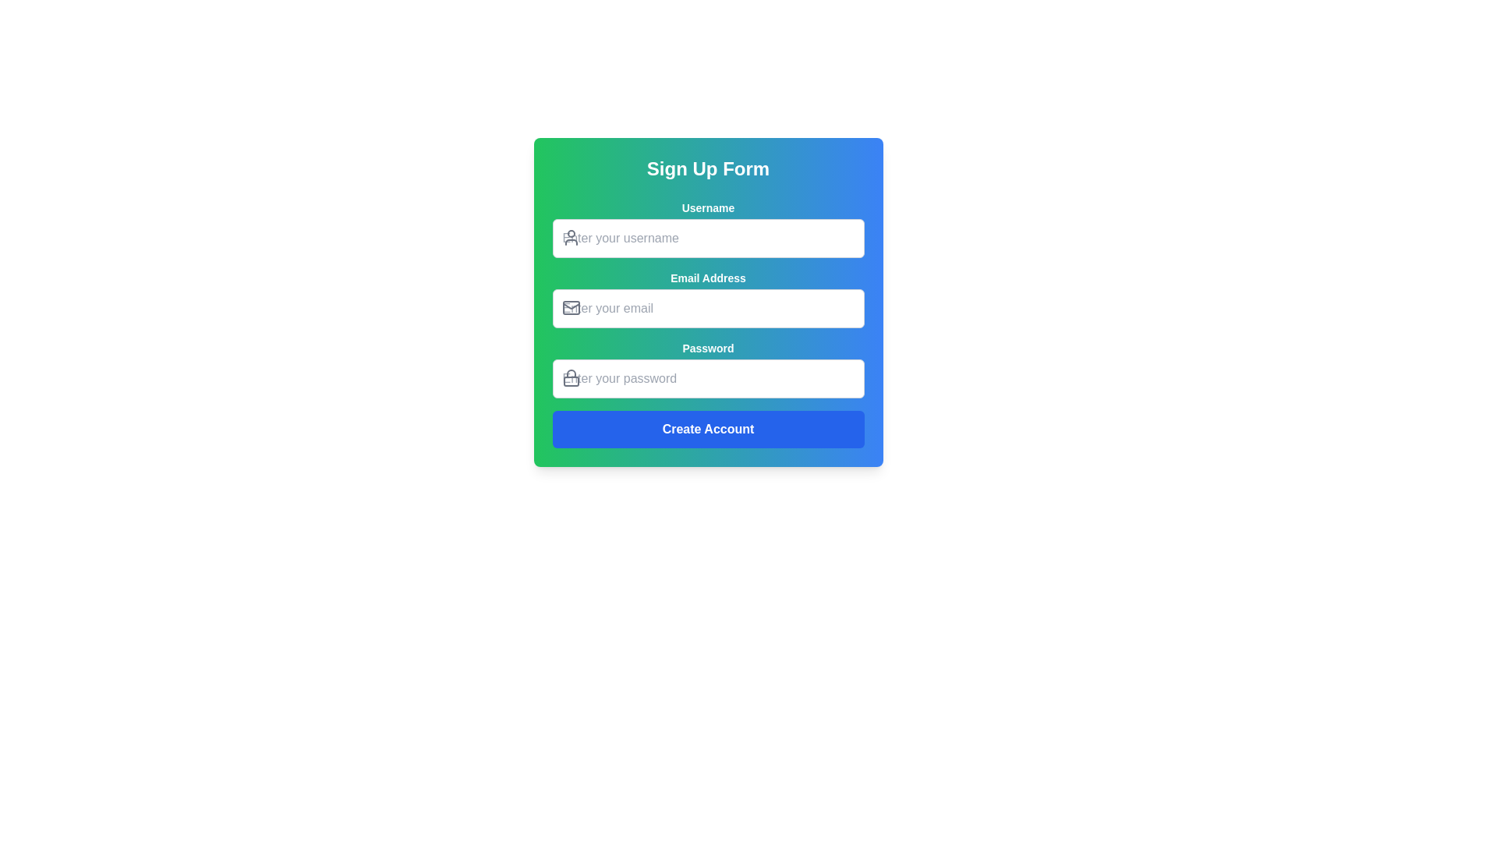 The height and width of the screenshot is (842, 1497). What do you see at coordinates (707, 278) in the screenshot?
I see `the 'Email Address' label, which is the second label in the sign-up form, displayed in bold white text against a gradient background` at bounding box center [707, 278].